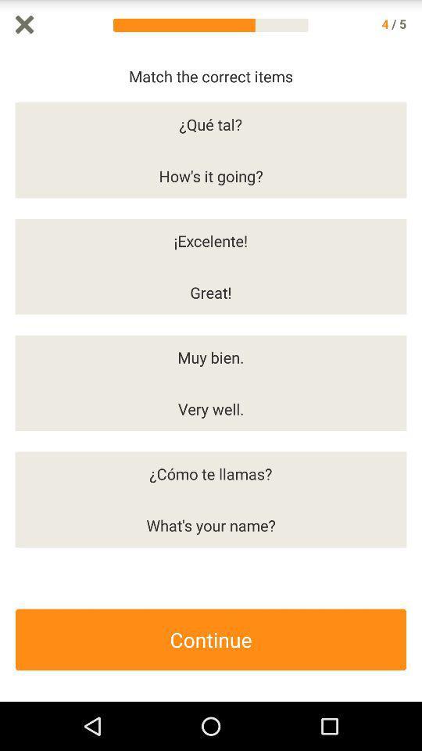 The height and width of the screenshot is (751, 422). I want to click on the continue item, so click(211, 639).